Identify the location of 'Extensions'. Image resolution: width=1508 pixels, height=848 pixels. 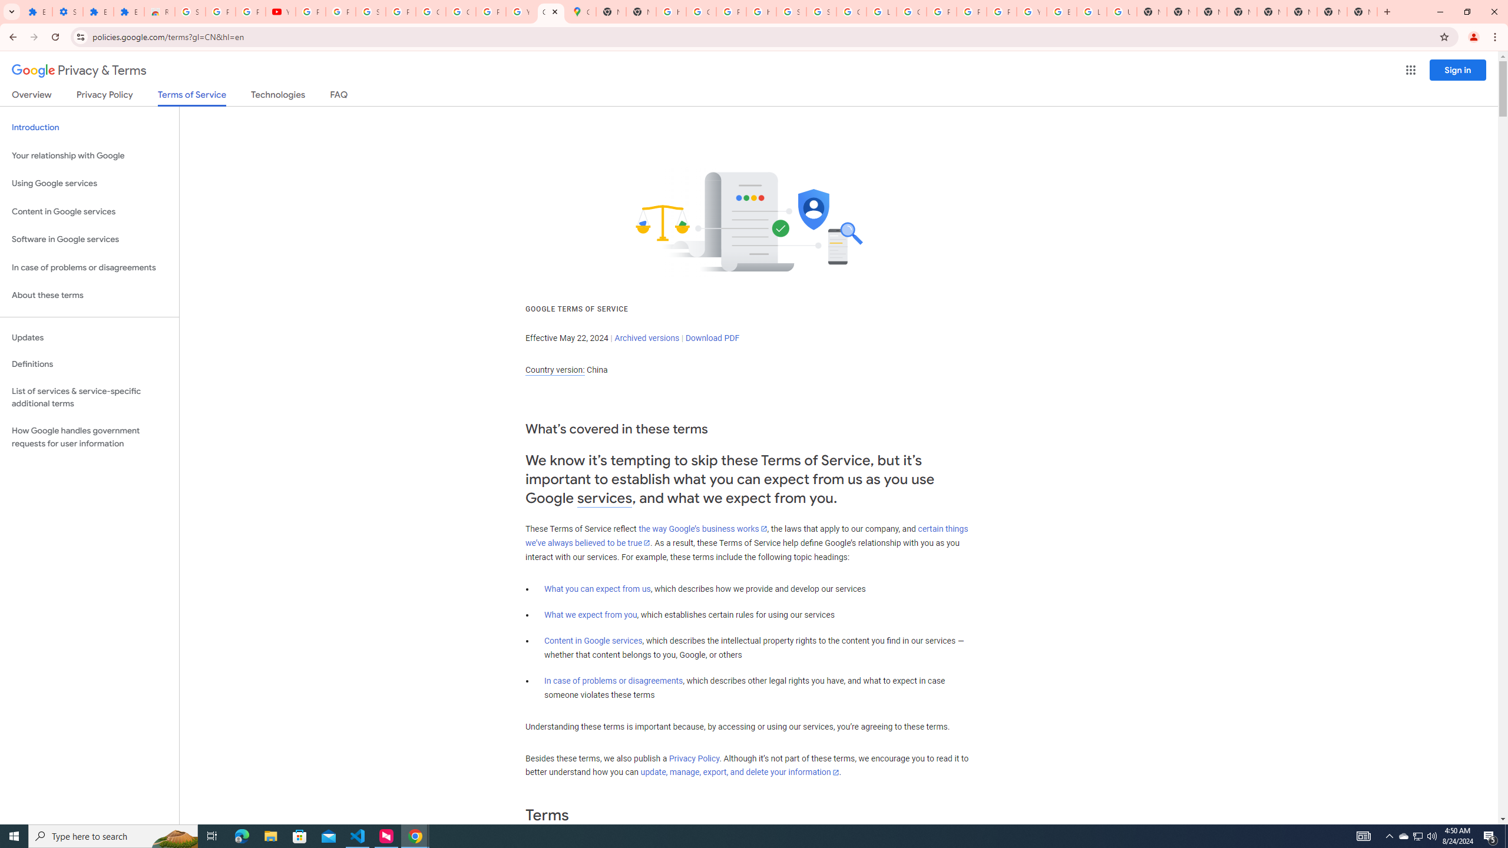
(128, 11).